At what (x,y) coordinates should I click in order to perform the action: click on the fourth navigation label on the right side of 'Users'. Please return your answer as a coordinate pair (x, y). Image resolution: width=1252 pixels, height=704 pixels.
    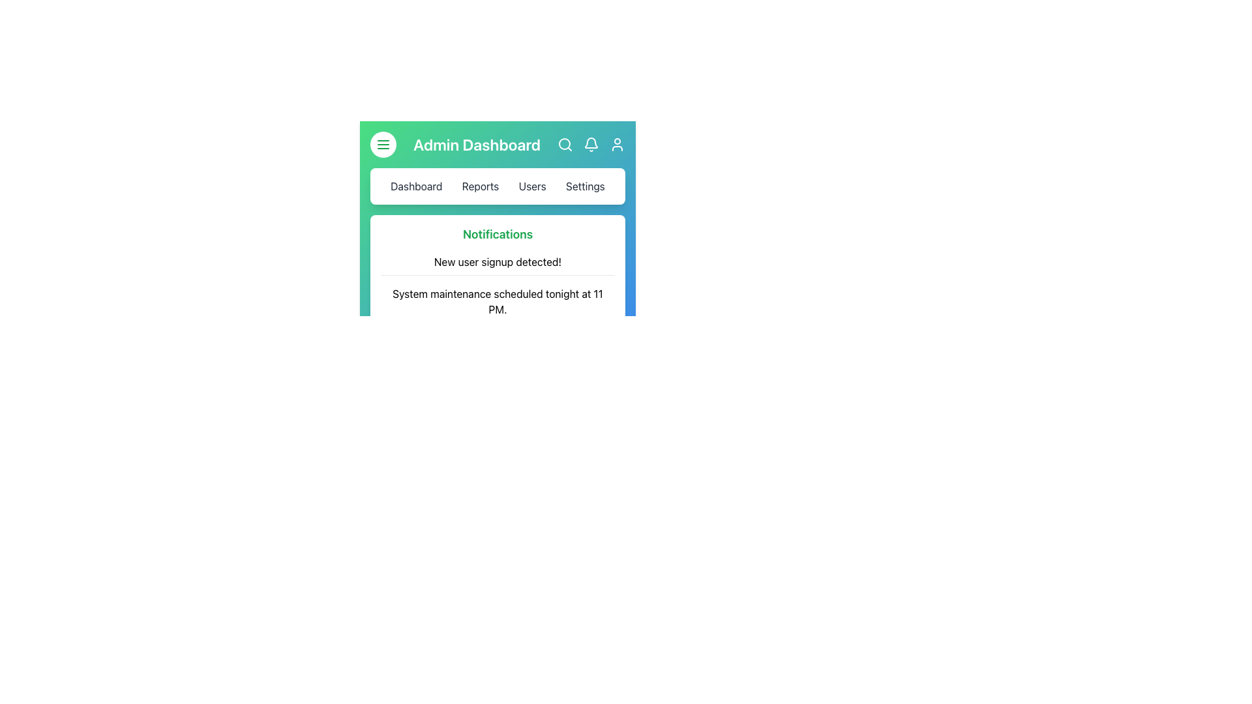
    Looking at the image, I should click on (584, 186).